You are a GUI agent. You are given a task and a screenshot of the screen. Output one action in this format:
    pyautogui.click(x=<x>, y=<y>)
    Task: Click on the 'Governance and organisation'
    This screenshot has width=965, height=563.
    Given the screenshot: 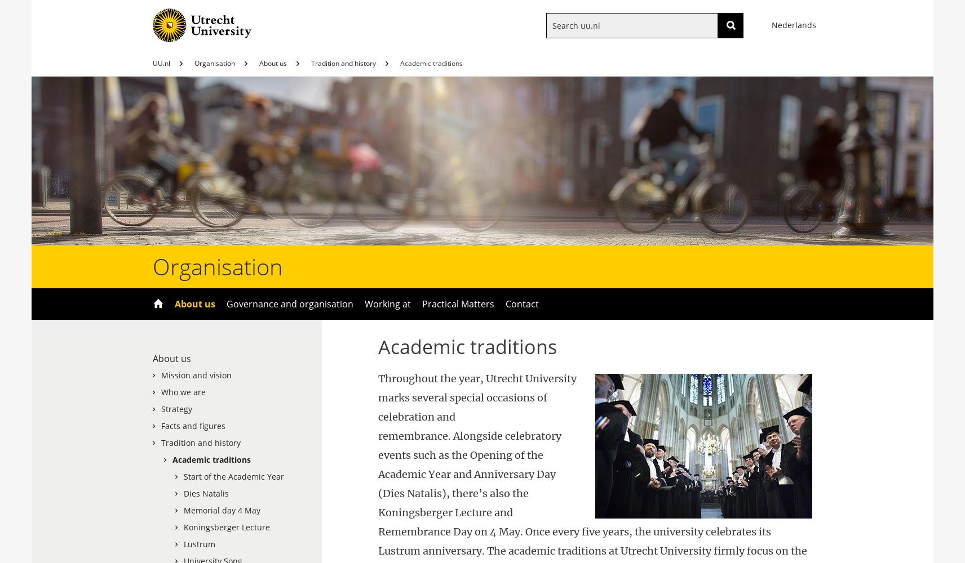 What is the action you would take?
    pyautogui.click(x=289, y=304)
    